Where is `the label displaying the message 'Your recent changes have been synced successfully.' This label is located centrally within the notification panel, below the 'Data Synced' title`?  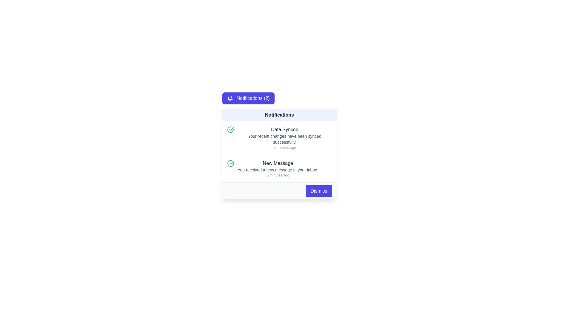 the label displaying the message 'Your recent changes have been synced successfully.' This label is located centrally within the notification panel, below the 'Data Synced' title is located at coordinates (284, 139).